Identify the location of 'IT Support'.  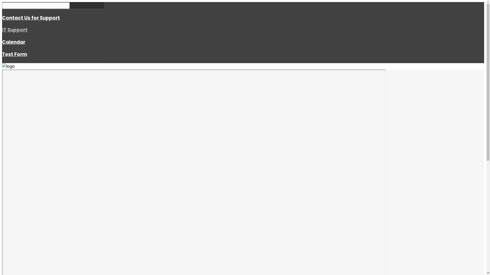
(15, 30).